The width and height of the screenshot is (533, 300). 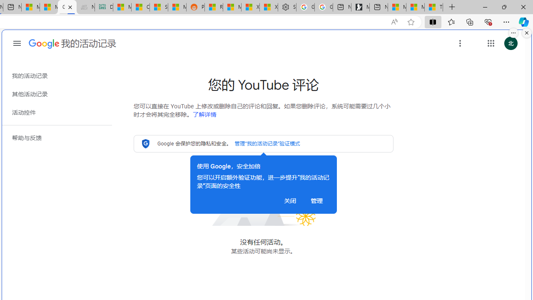 I want to click on 'Favorites', so click(x=451, y=21).